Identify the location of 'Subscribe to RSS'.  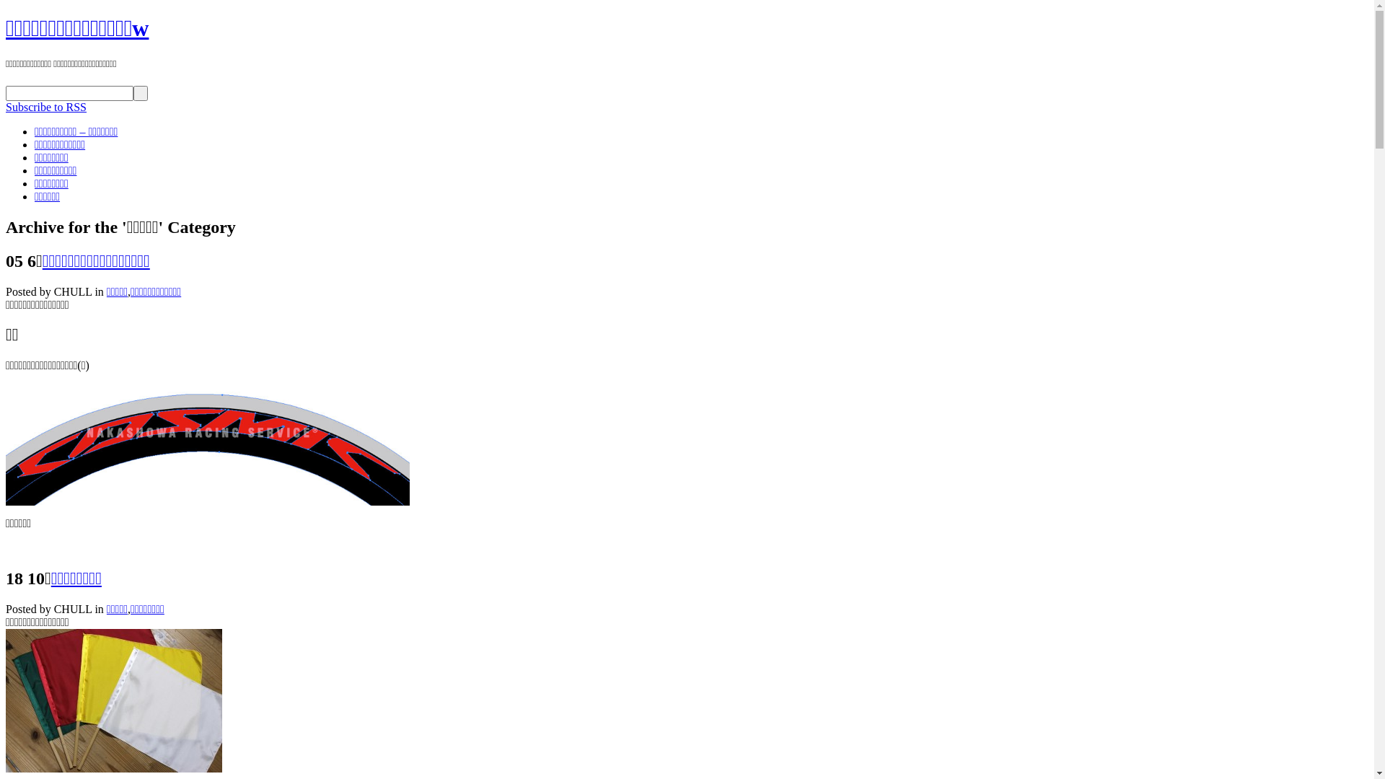
(6, 106).